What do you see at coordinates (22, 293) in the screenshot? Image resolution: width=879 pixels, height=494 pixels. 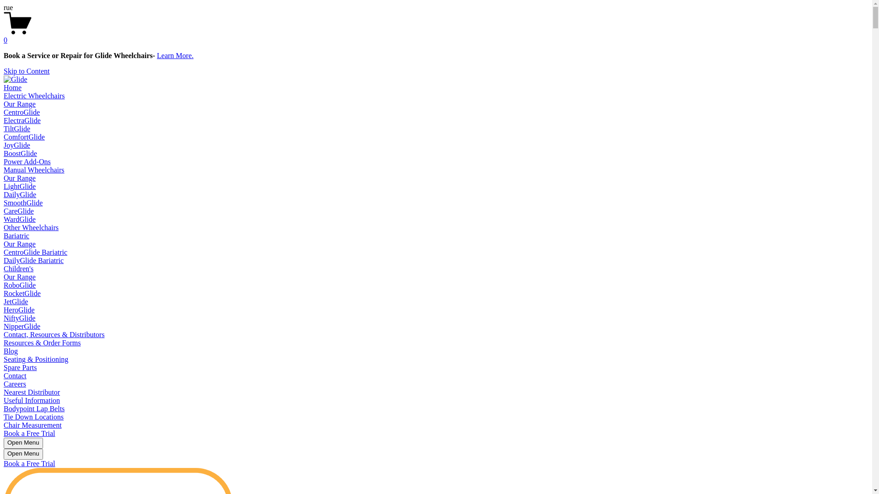 I see `'RocketGlide'` at bounding box center [22, 293].